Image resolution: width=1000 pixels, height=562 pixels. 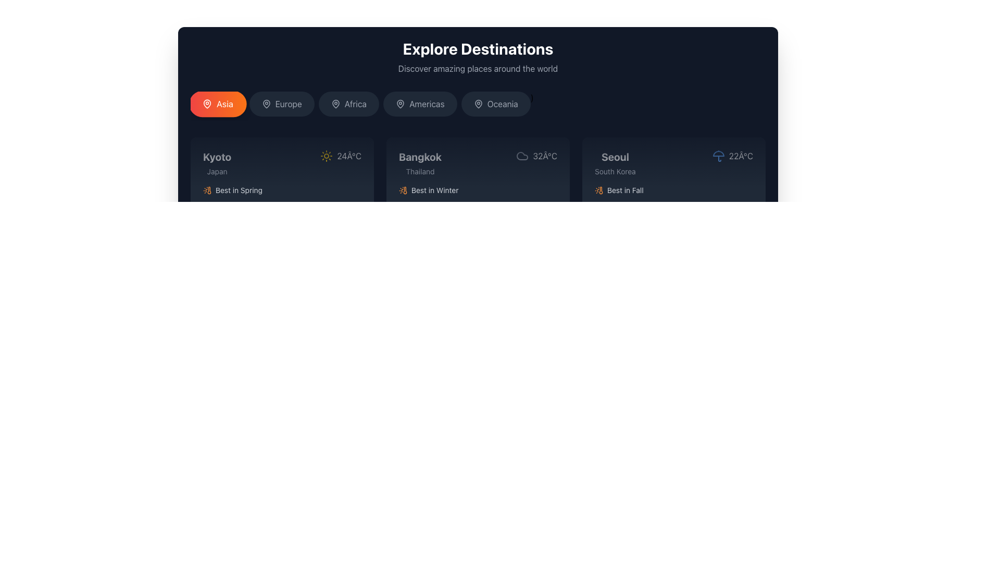 I want to click on the 'Europe' text label within the navigation button, so click(x=289, y=104).